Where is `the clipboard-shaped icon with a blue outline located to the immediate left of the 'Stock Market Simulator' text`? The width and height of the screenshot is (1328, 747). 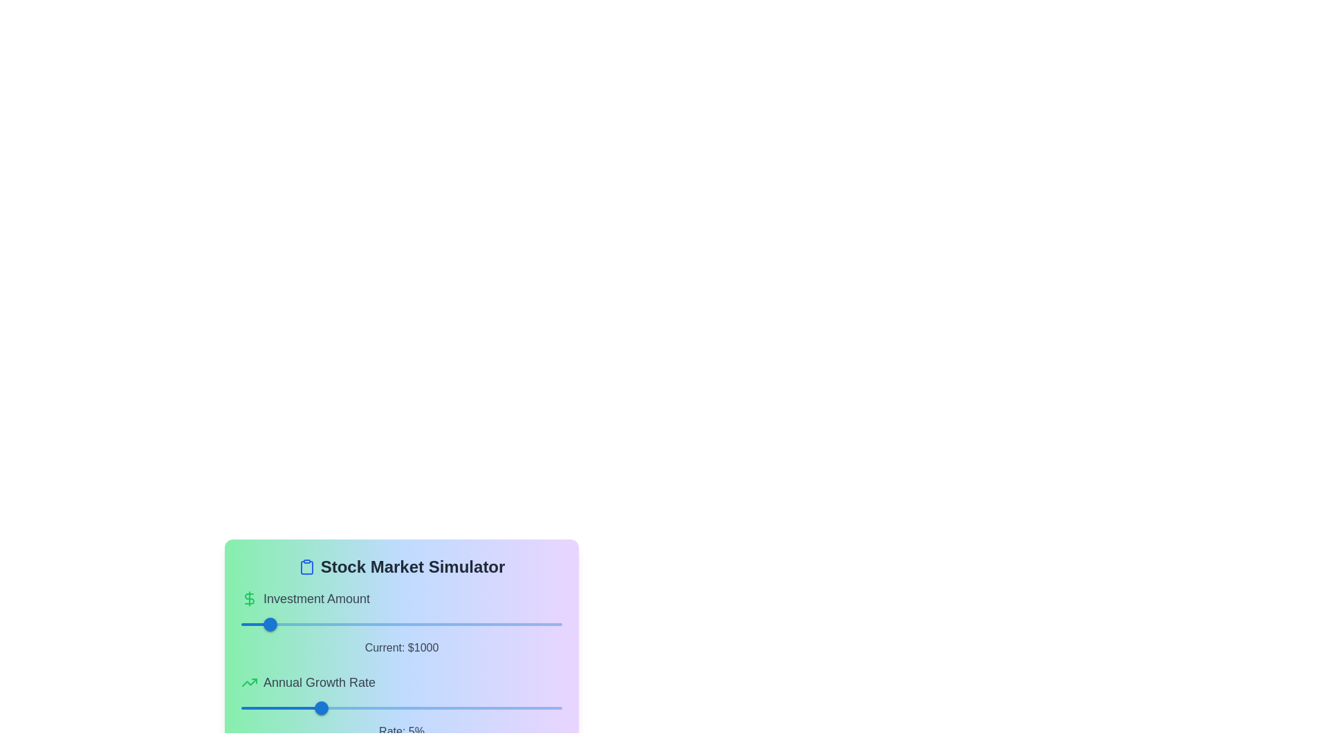 the clipboard-shaped icon with a blue outline located to the immediate left of the 'Stock Market Simulator' text is located at coordinates (306, 567).